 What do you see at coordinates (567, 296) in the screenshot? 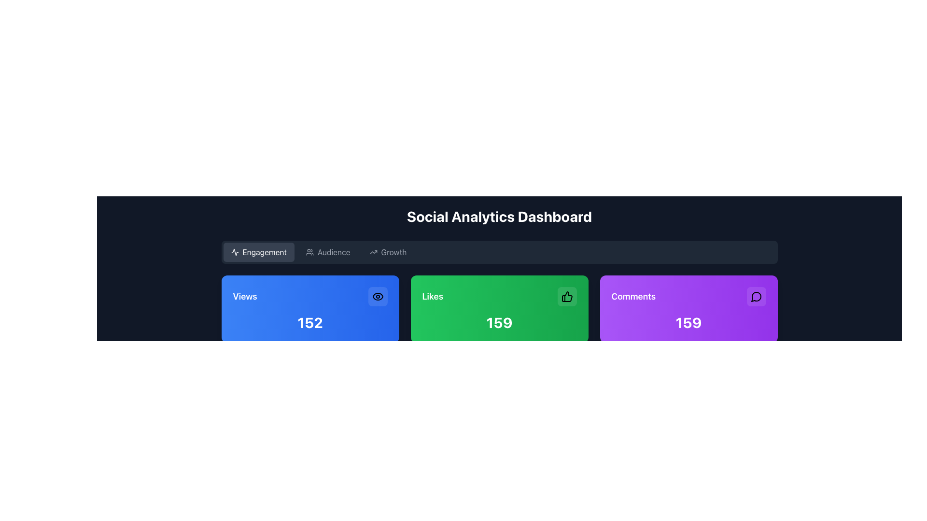
I see `the thumbs-up icon located in the top-right corner of the green 'Likes' card component, which signifies user appreciation or agreement` at bounding box center [567, 296].